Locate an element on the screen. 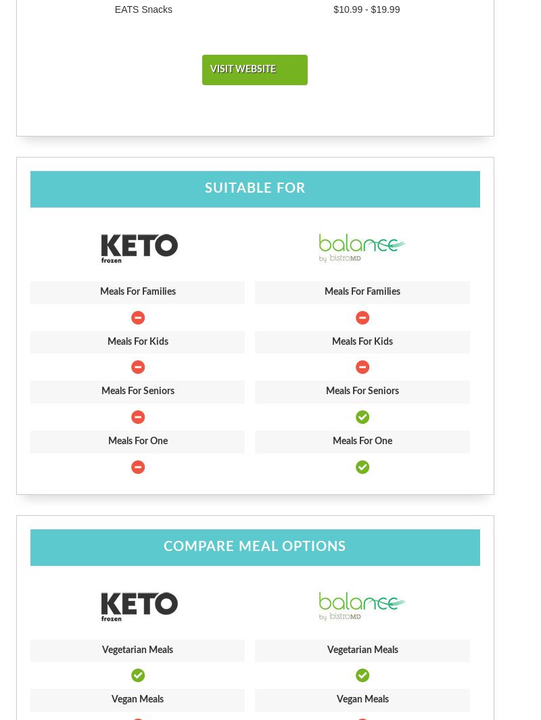 This screenshot has width=541, height=720. 'Compare Meal Options' is located at coordinates (254, 546).